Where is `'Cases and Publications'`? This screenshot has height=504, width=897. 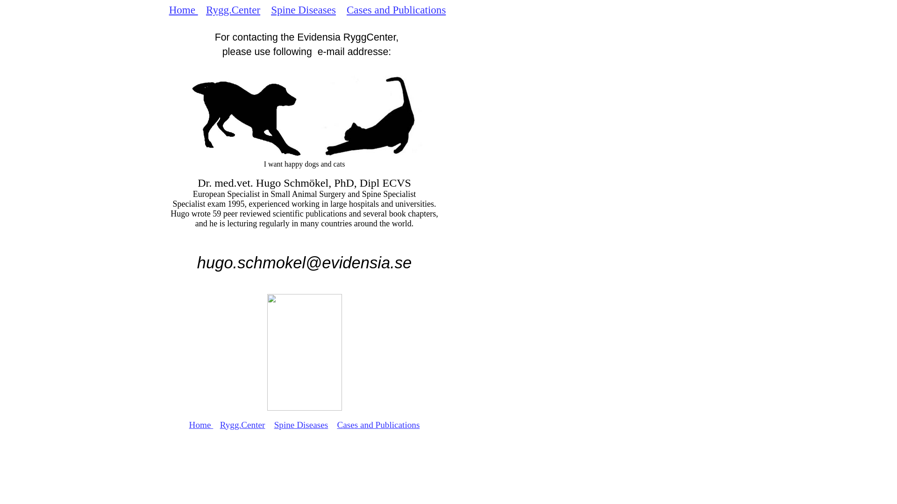
'Cases and Publications' is located at coordinates (396, 9).